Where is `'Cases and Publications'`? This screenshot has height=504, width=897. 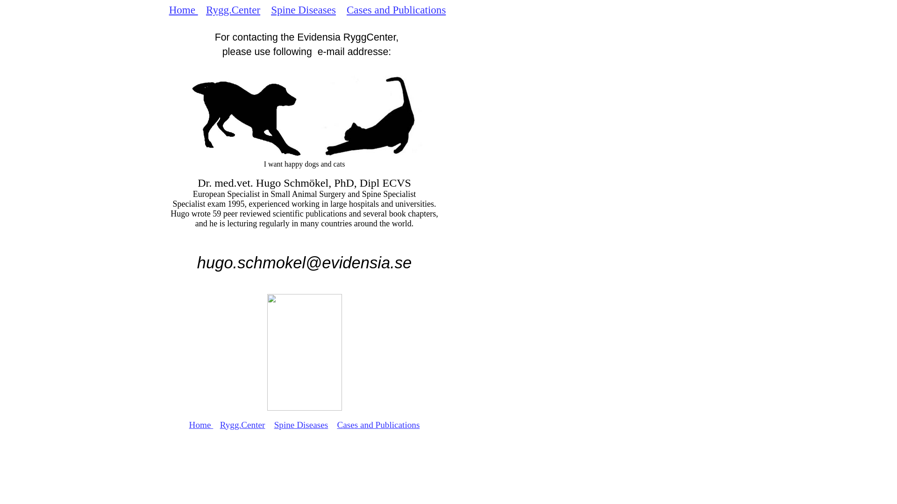
'Cases and Publications' is located at coordinates (396, 9).